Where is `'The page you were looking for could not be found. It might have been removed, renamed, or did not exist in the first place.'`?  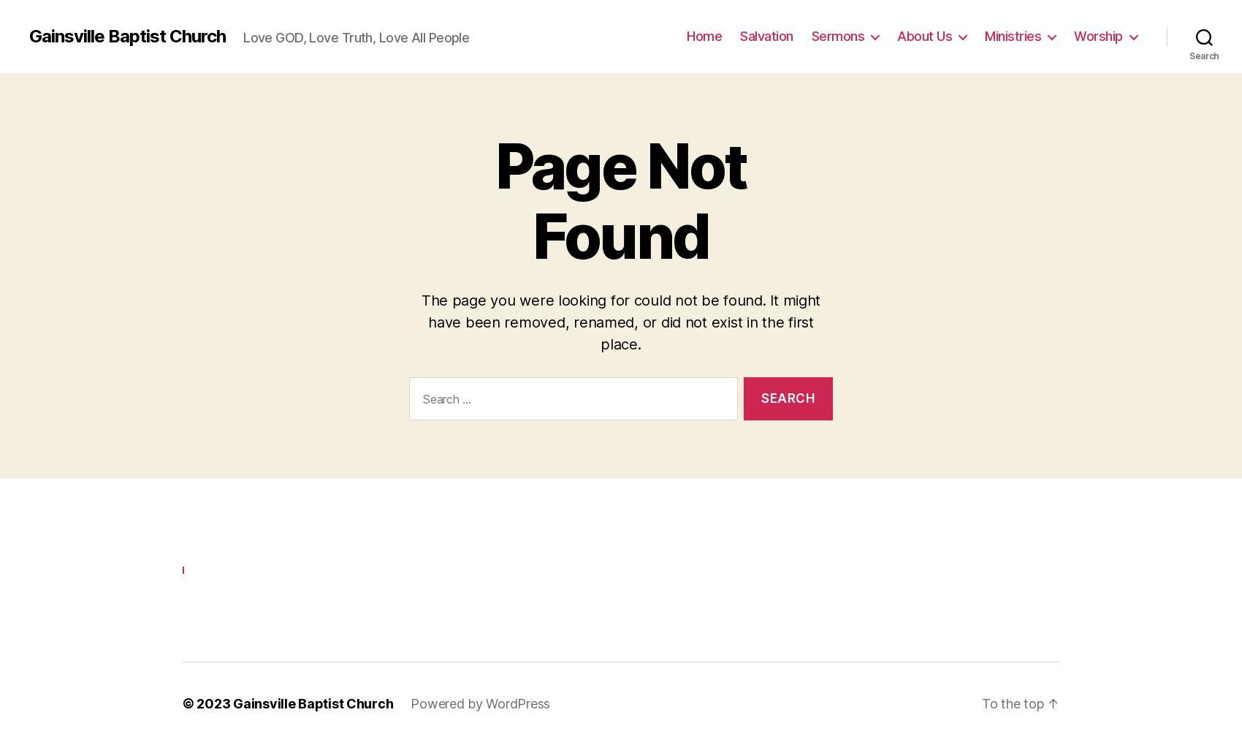
'The page you were looking for could not be found. It might have been removed, renamed, or did not exist in the first place.' is located at coordinates (620, 319).